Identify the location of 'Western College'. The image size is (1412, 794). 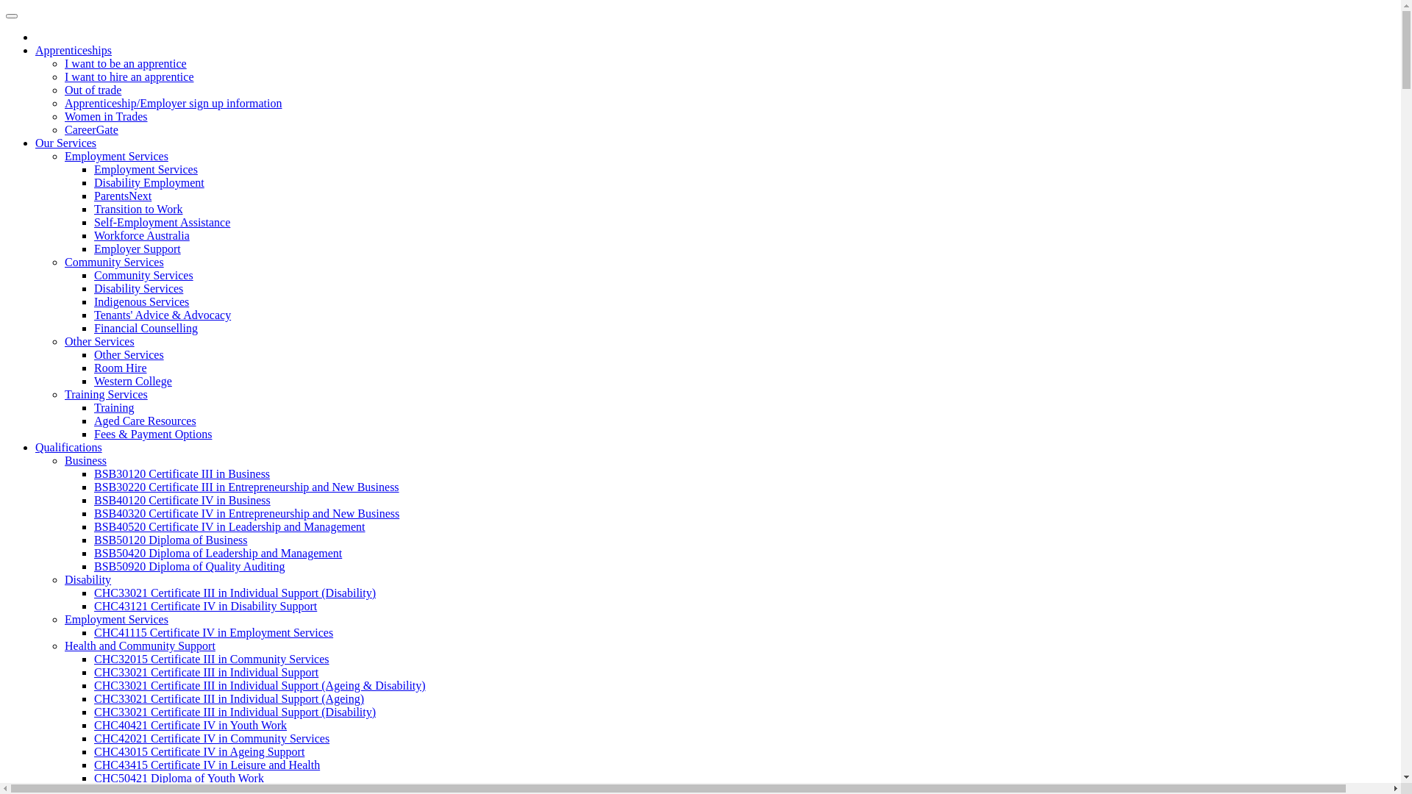
(133, 380).